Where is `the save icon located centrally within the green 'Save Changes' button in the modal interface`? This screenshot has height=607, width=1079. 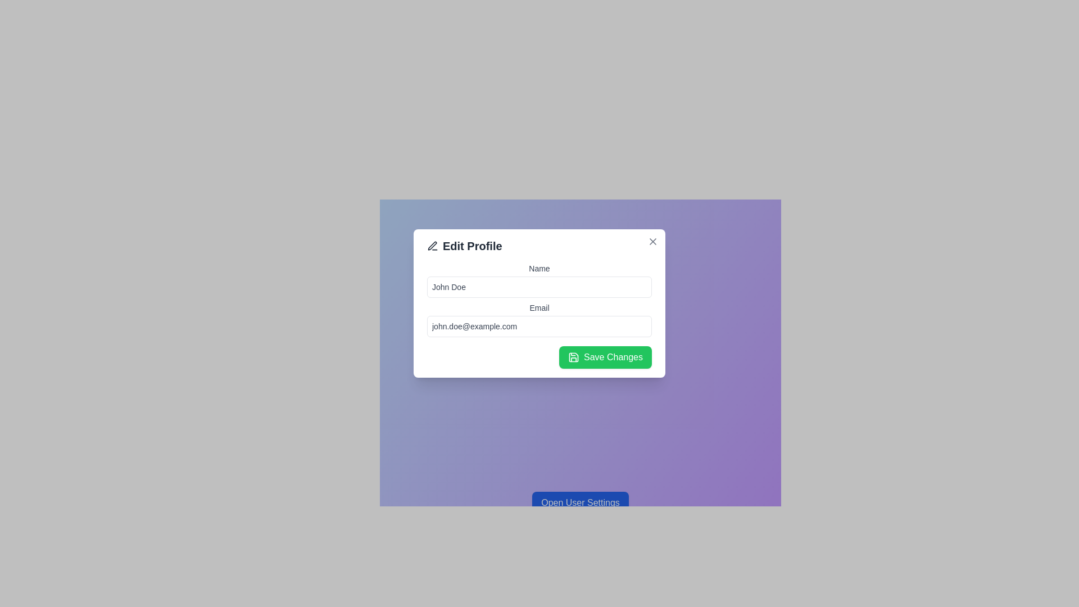 the save icon located centrally within the green 'Save Changes' button in the modal interface is located at coordinates (574, 357).